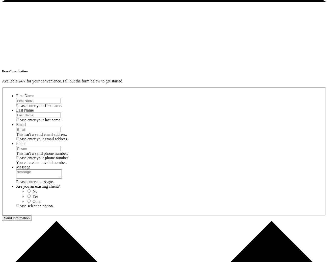 This screenshot has height=262, width=328. Describe the element at coordinates (38, 186) in the screenshot. I see `'Are you an existing client?'` at that location.